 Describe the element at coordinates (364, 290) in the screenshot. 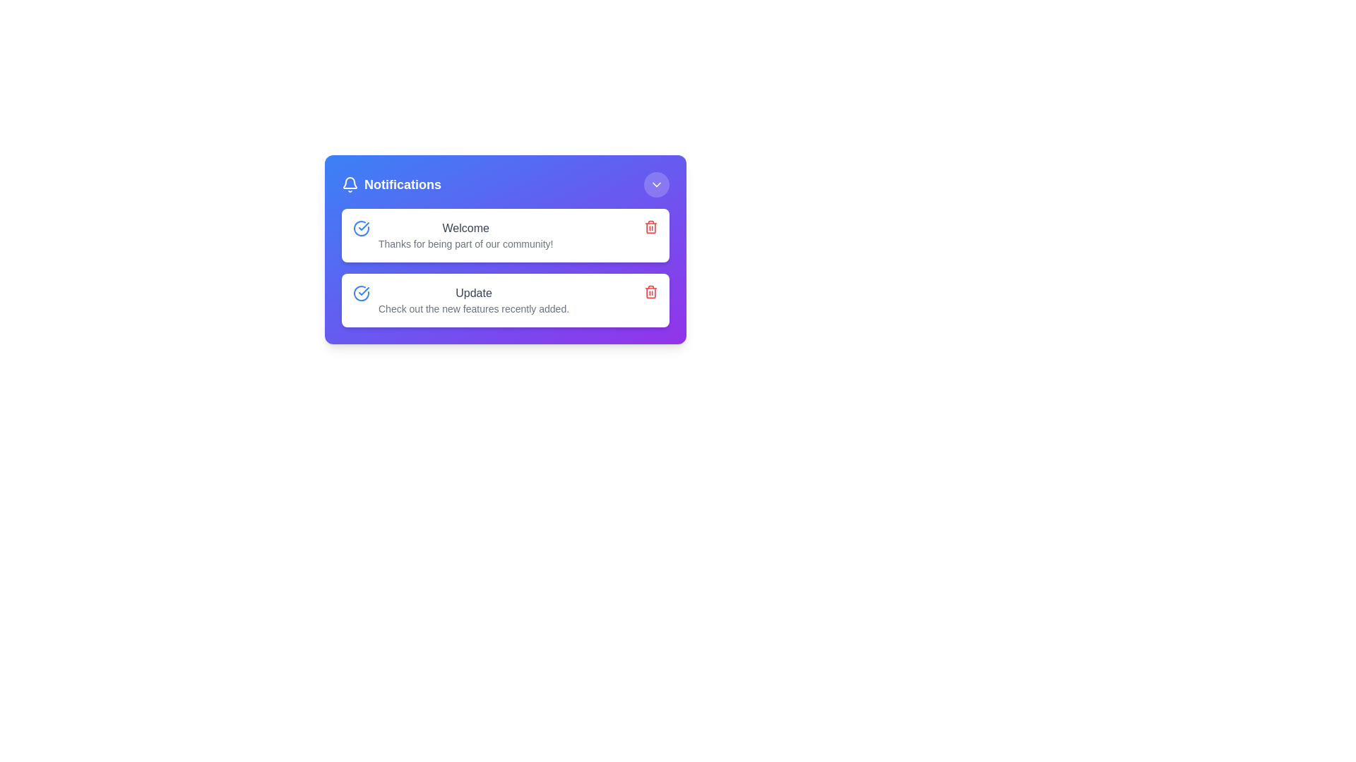

I see `the blue checkmark icon located in the circular design, which is positioned to the left of the text 'Welcome' in the notification box` at that location.